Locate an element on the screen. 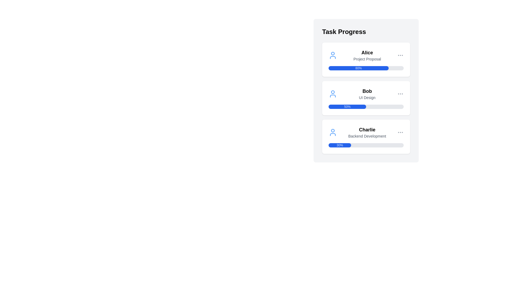  percentage displayed in the progress bar representing 50% completion for the task labeled 'Bob UI Design', located in the middle card of the Task Progress list is located at coordinates (347, 107).